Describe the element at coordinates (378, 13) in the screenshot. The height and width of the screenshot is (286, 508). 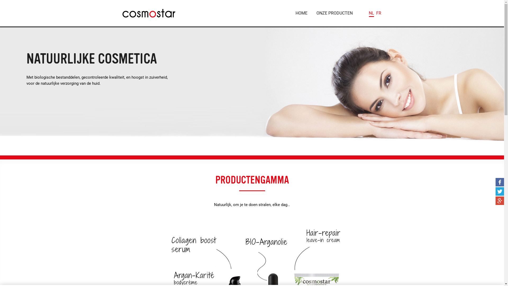
I see `'FR'` at that location.